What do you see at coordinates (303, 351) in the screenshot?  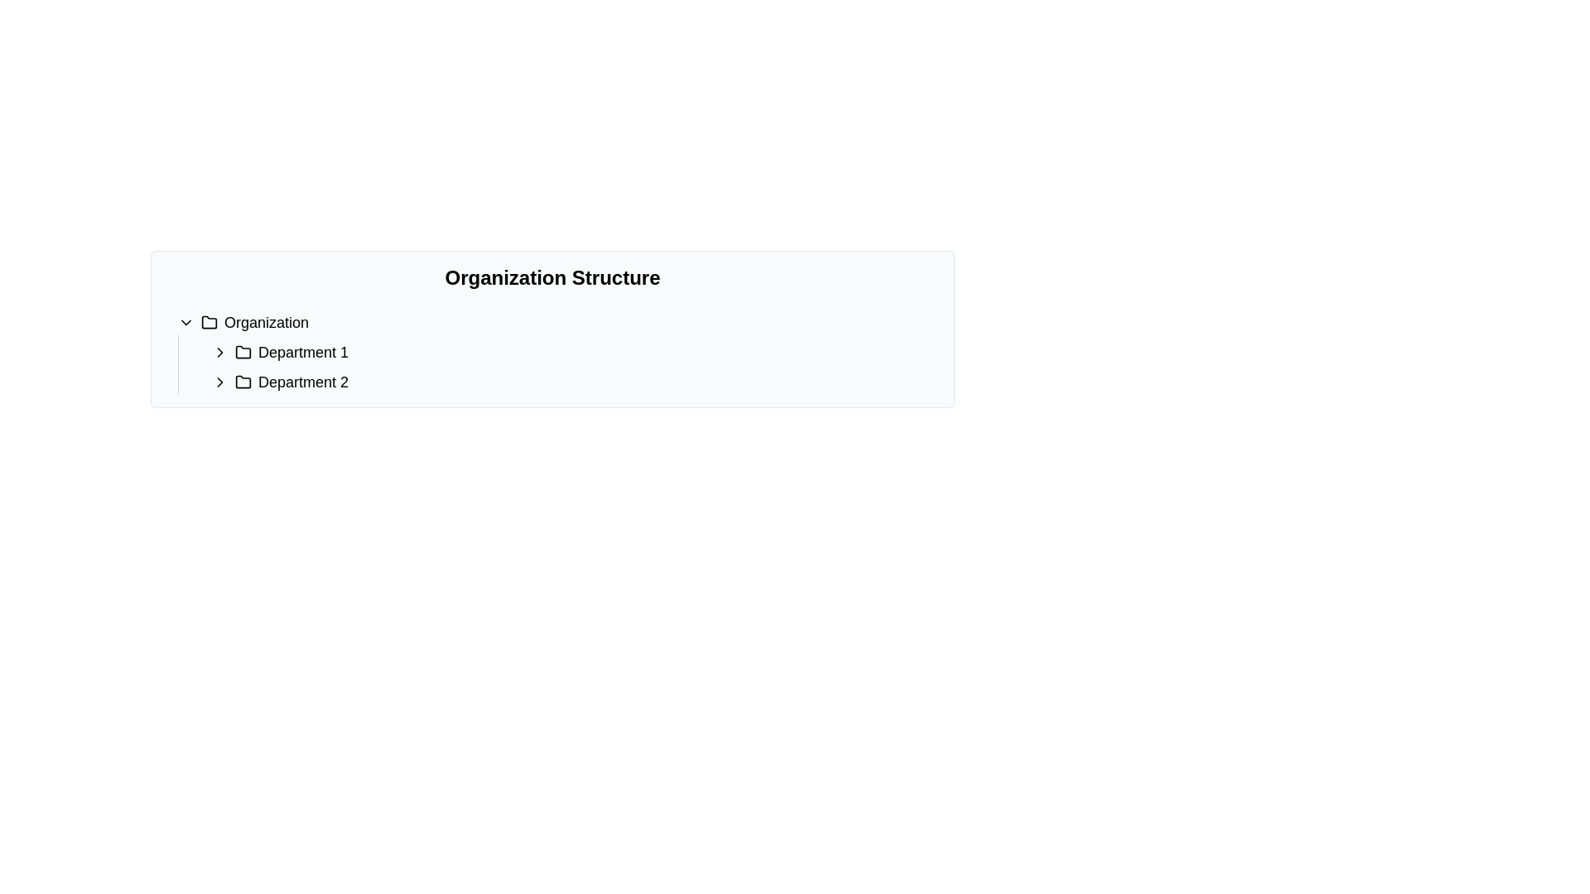 I see `the 'Department 1' static text label` at bounding box center [303, 351].